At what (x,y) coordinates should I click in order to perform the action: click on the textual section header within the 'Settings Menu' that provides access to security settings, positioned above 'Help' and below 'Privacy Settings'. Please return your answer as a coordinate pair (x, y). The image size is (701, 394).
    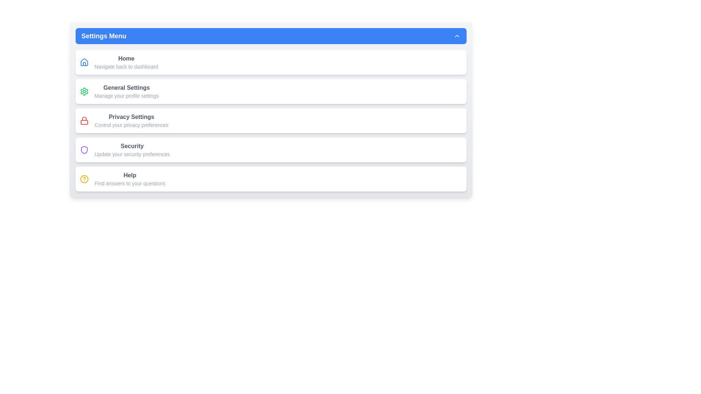
    Looking at the image, I should click on (132, 150).